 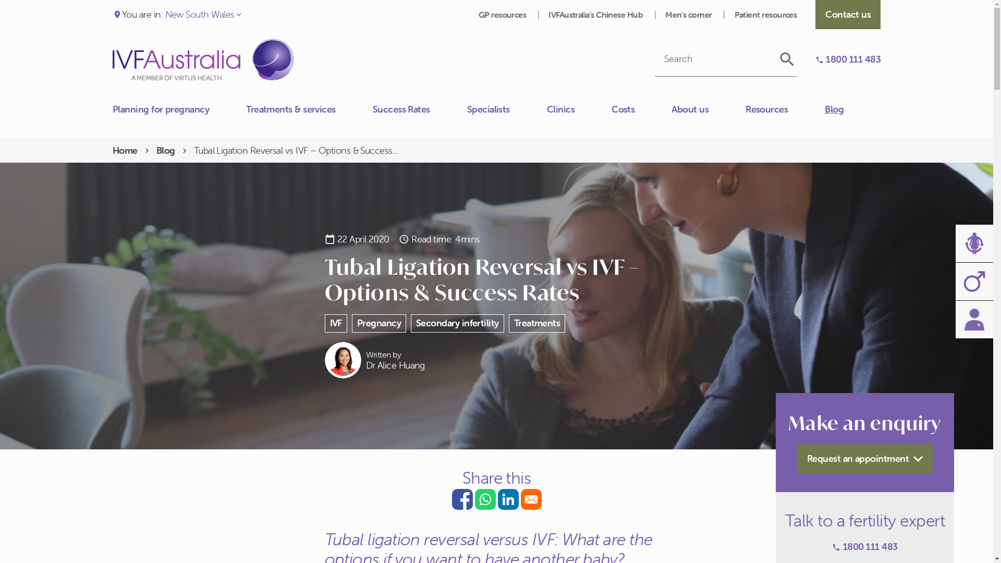 I want to click on 'Close', so click(x=113, y=104).